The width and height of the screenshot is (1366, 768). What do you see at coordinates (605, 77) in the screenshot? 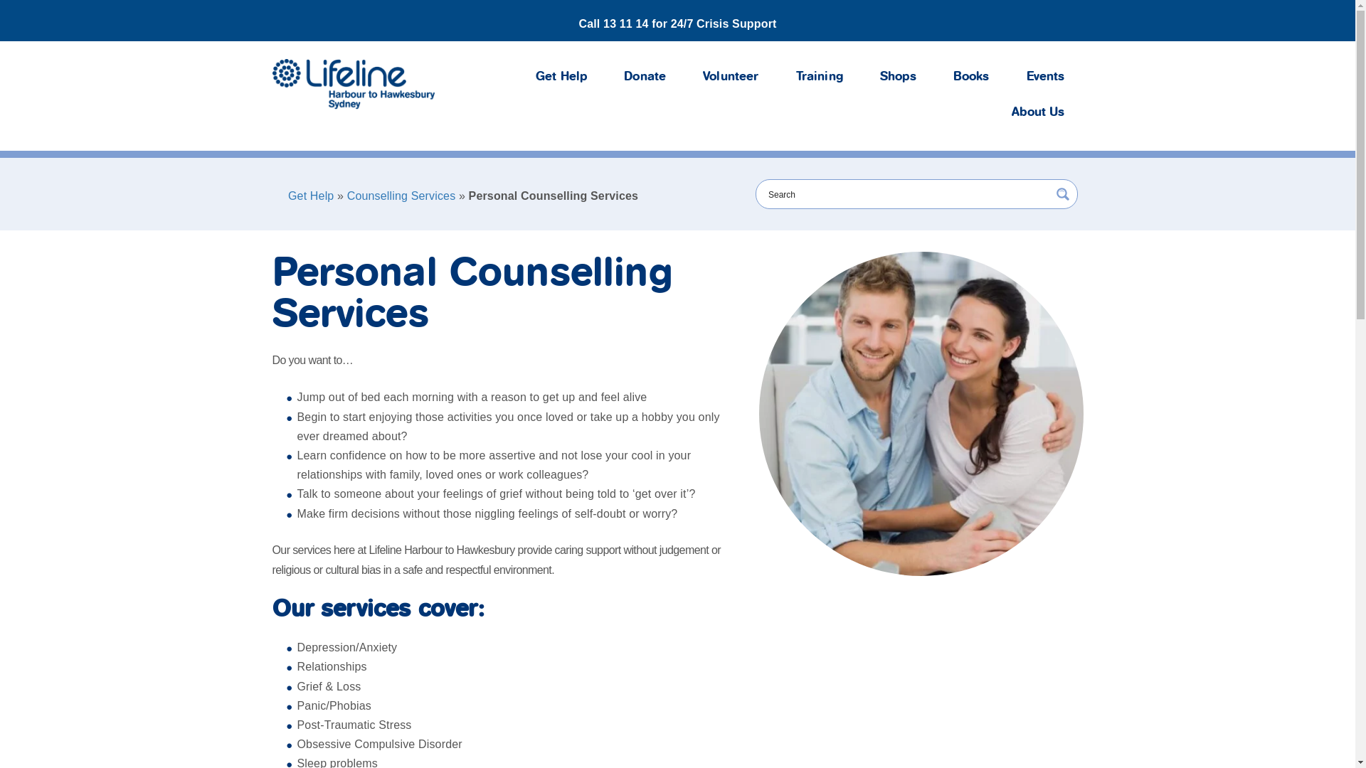
I see `'Donate'` at bounding box center [605, 77].